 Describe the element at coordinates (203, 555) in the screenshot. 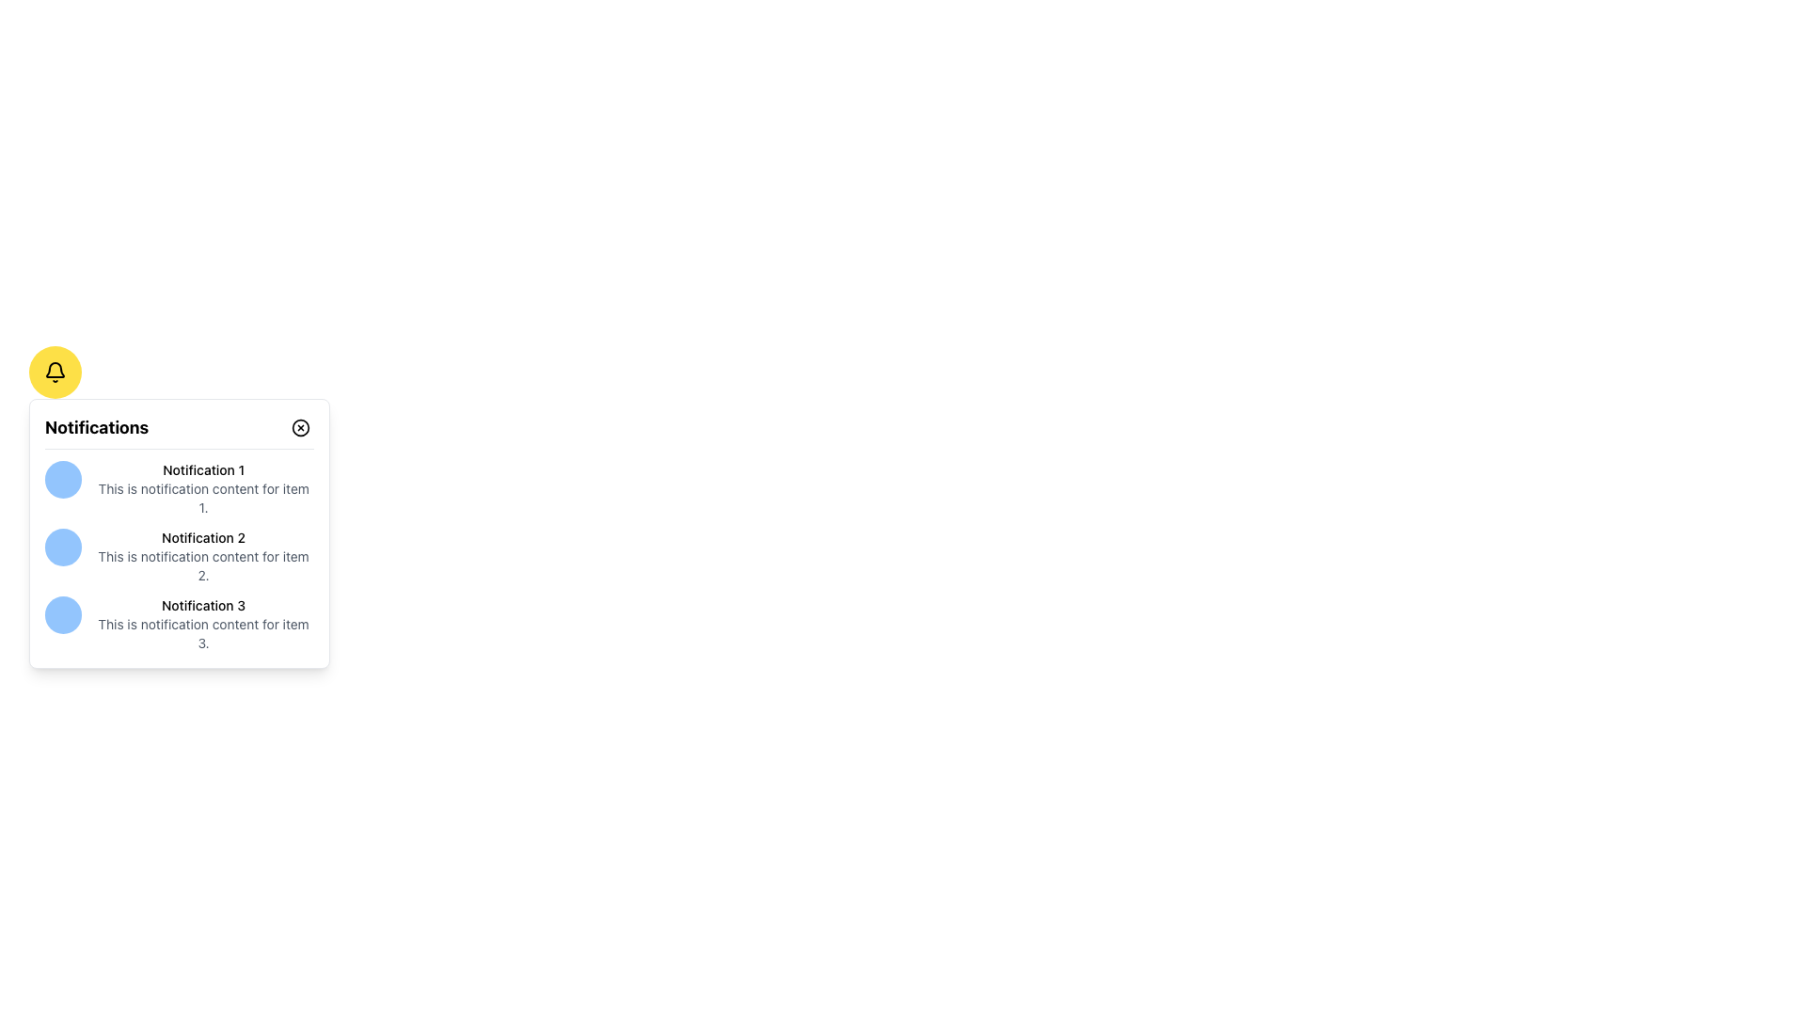

I see `the second notification list item in the notification panel, which contains a title and description, positioned between 'Notification 1' and 'Notification 3'` at that location.